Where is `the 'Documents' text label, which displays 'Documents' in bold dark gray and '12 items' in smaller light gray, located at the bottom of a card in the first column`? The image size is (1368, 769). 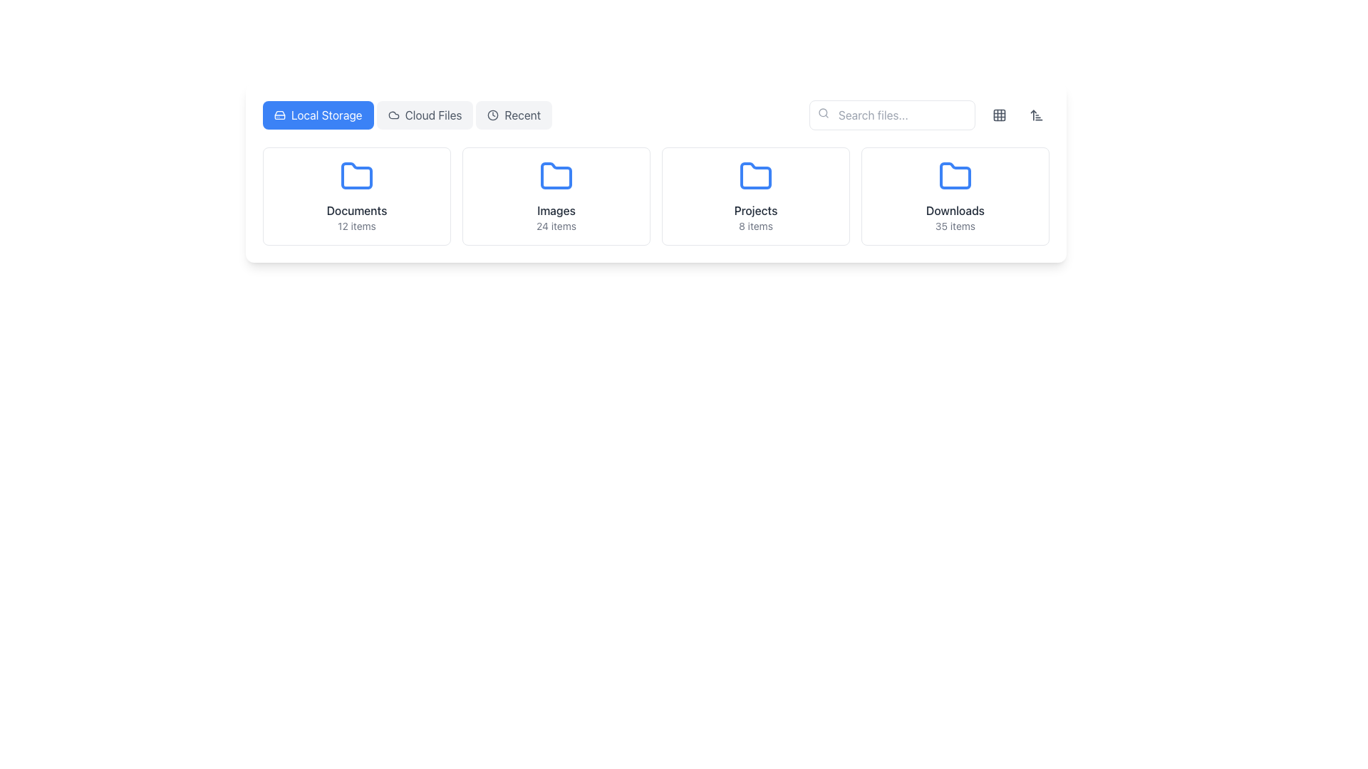
the 'Documents' text label, which displays 'Documents' in bold dark gray and '12 items' in smaller light gray, located at the bottom of a card in the first column is located at coordinates (356, 217).